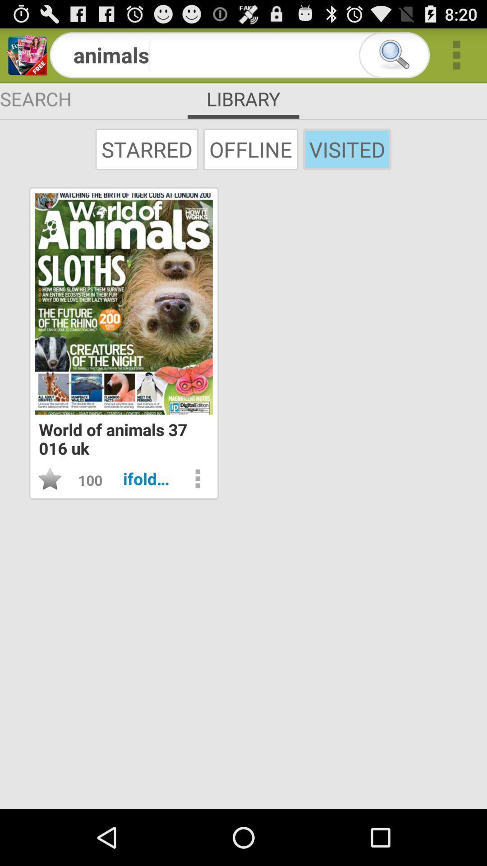 The image size is (487, 866). Describe the element at coordinates (197, 478) in the screenshot. I see `settings` at that location.